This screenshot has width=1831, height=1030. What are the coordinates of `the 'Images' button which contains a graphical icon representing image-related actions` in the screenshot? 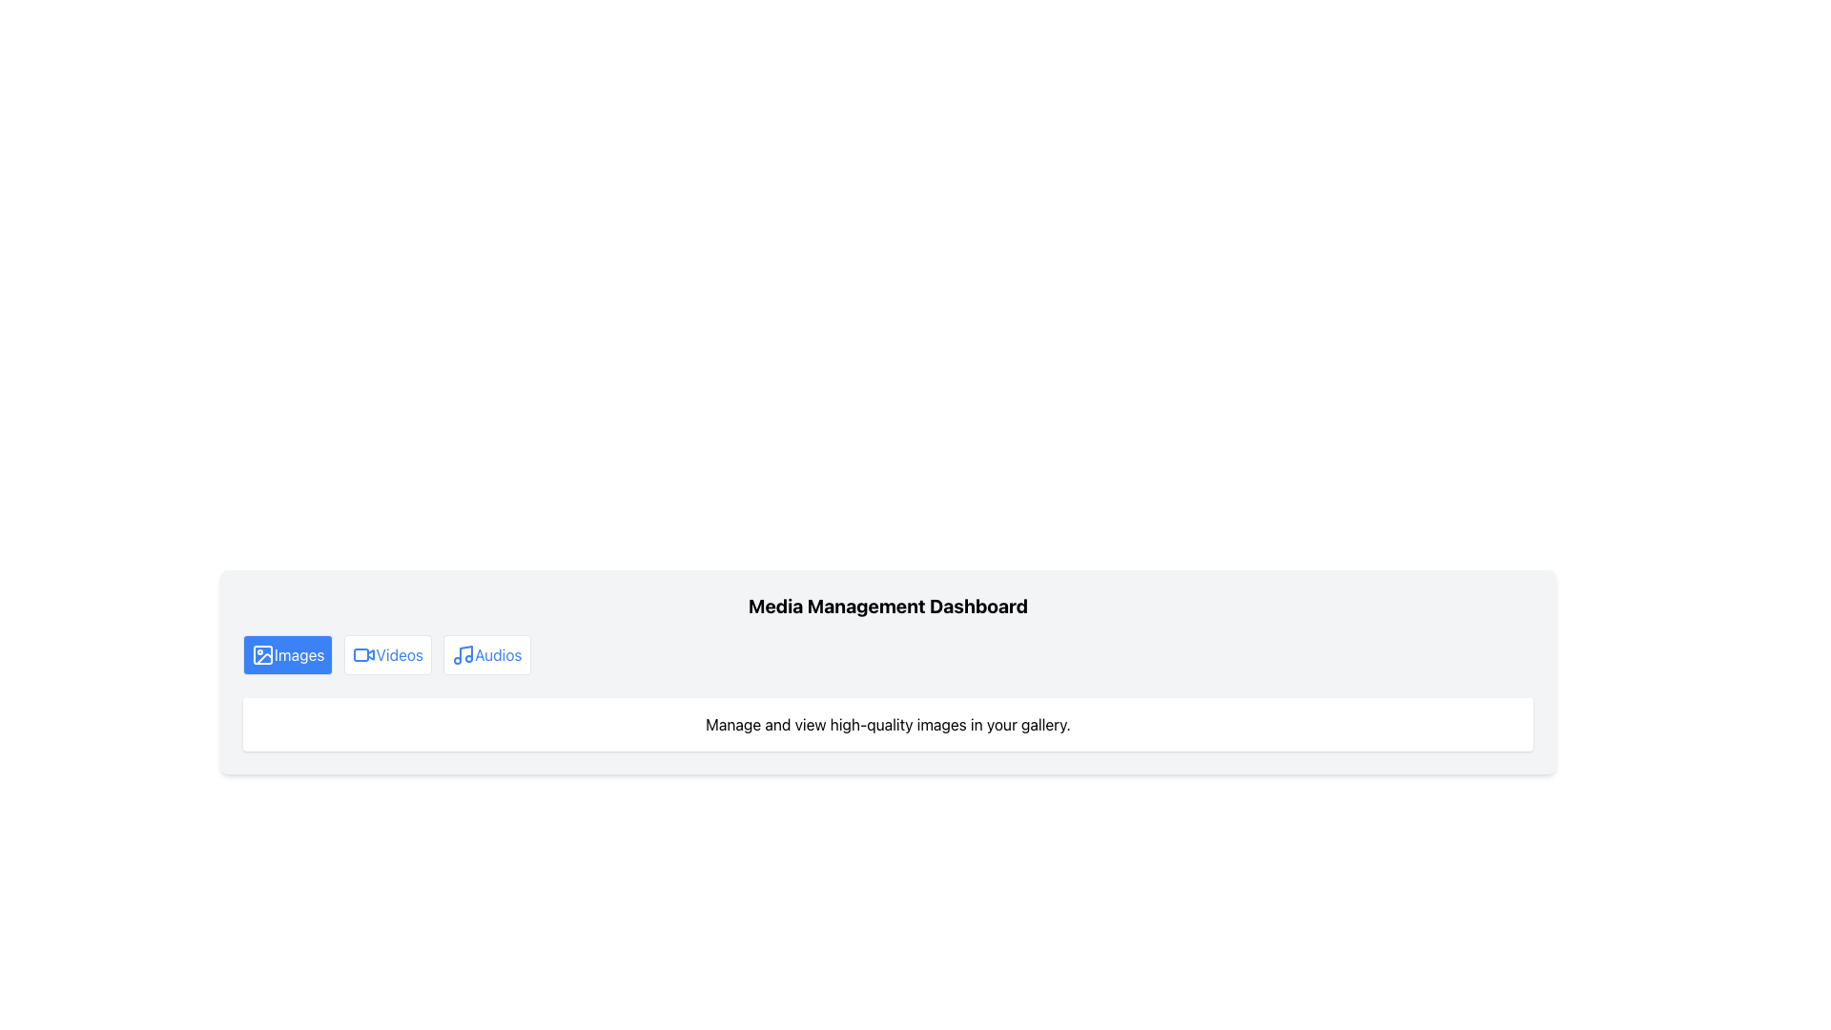 It's located at (261, 653).